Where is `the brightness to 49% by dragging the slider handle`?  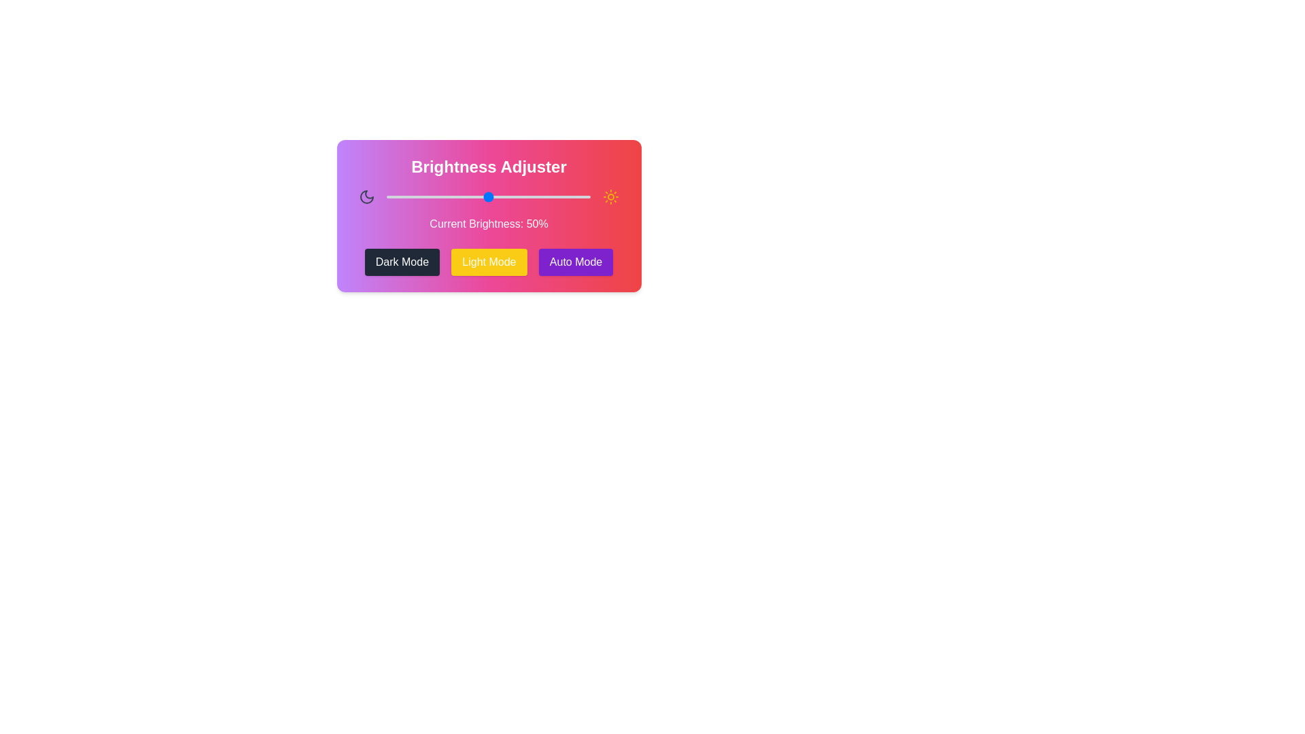
the brightness to 49% by dragging the slider handle is located at coordinates (487, 196).